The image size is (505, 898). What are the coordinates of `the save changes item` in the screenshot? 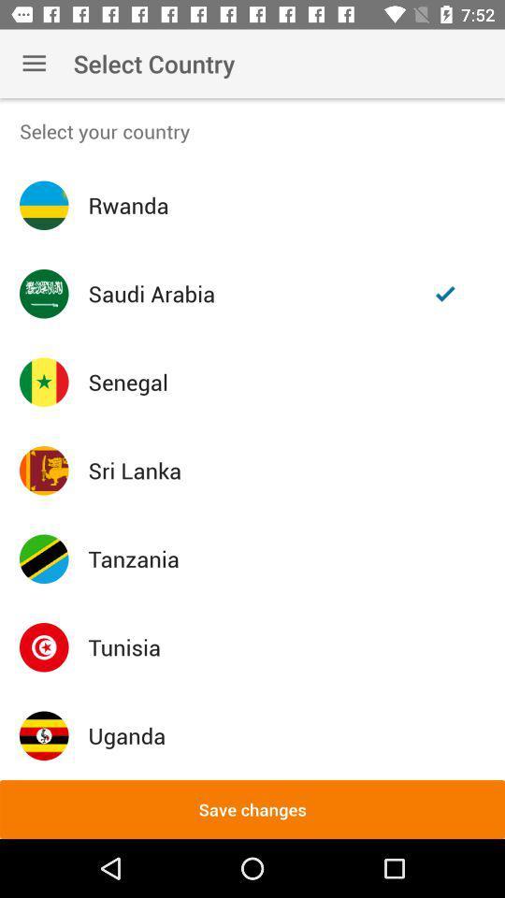 It's located at (252, 808).